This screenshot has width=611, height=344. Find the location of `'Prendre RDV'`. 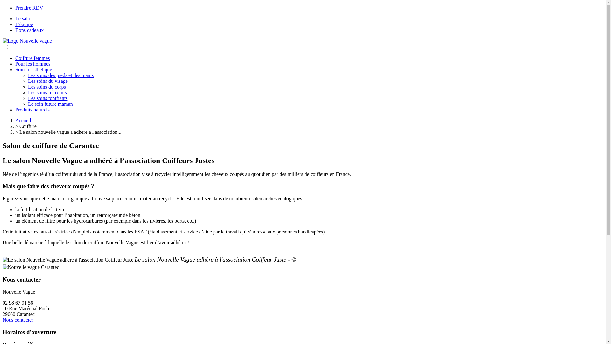

'Prendre RDV' is located at coordinates (29, 8).